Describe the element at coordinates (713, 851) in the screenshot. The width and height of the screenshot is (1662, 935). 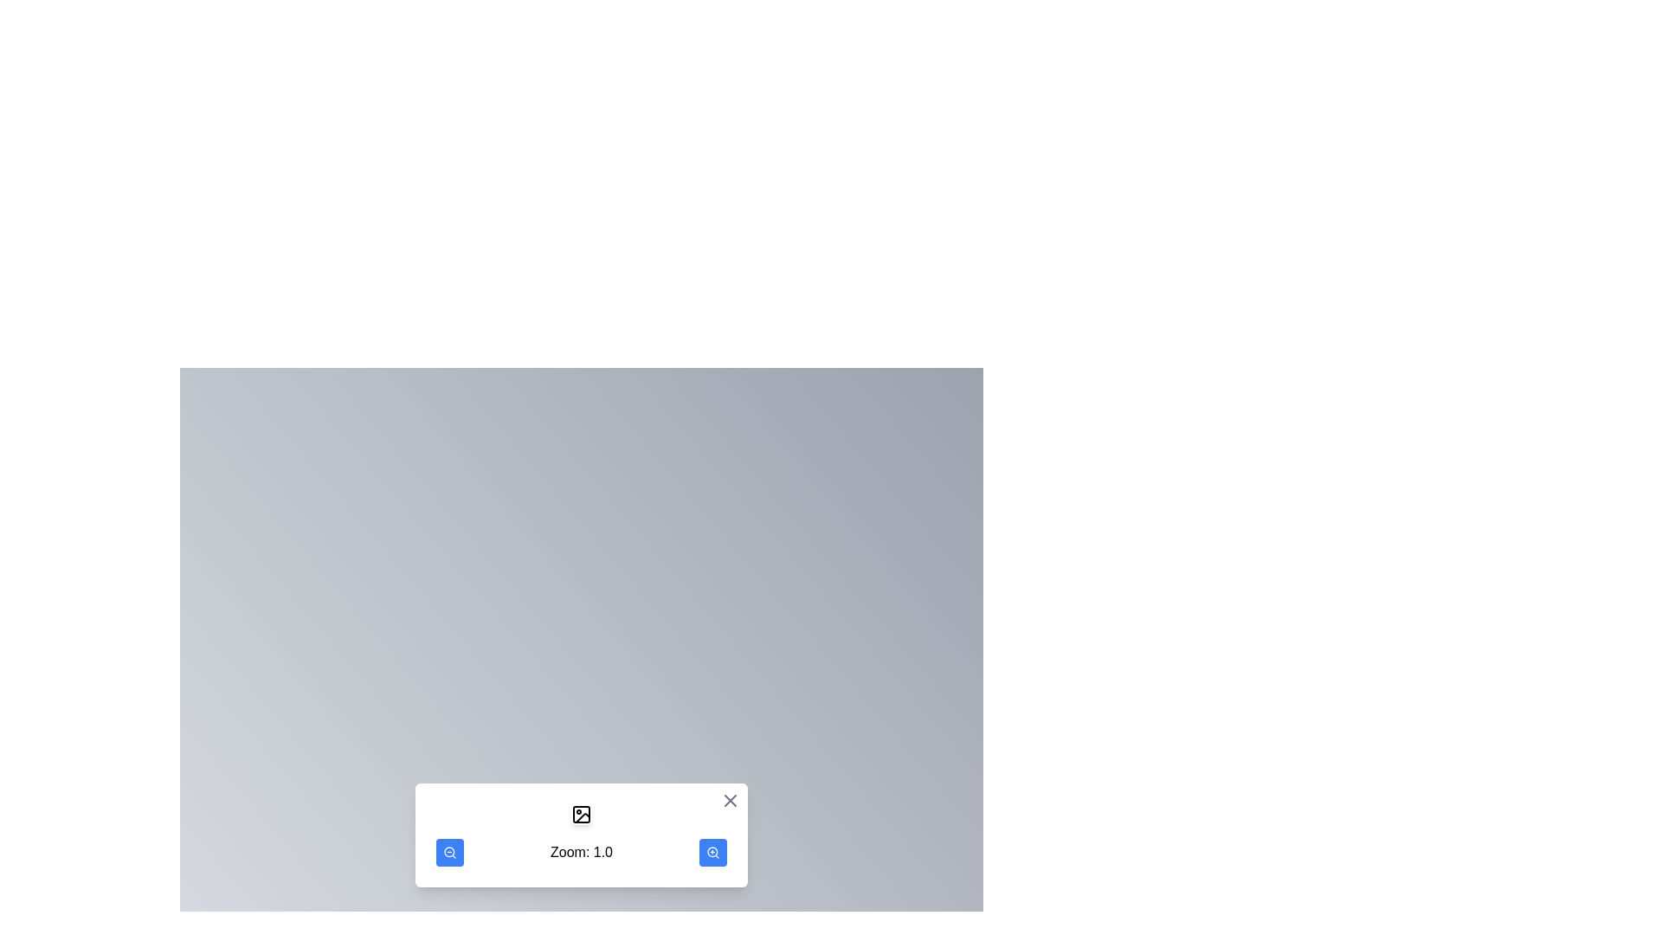
I see `the zoom-in icon button, which is a magnifying glass with a plus sign on a blue circular background, located at the bottom-left corner of the control panel` at that location.